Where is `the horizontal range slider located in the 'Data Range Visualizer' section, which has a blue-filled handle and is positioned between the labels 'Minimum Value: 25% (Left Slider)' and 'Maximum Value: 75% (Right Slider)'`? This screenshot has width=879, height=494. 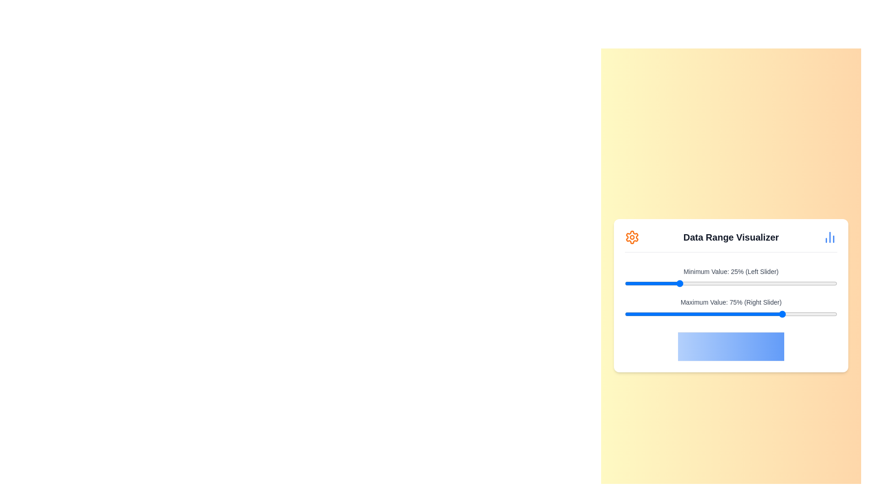 the horizontal range slider located in the 'Data Range Visualizer' section, which has a blue-filled handle and is positioned between the labels 'Minimum Value: 25% (Left Slider)' and 'Maximum Value: 75% (Right Slider)' is located at coordinates (731, 283).